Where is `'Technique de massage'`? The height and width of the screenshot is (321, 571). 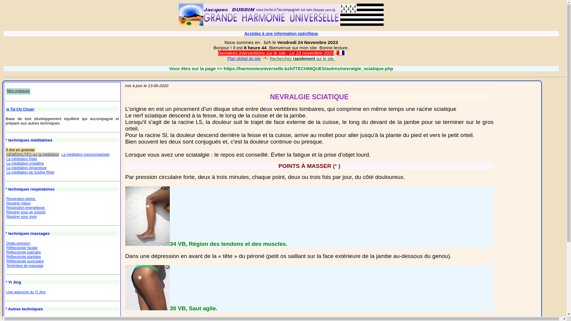 'Technique de massage' is located at coordinates (24, 265).